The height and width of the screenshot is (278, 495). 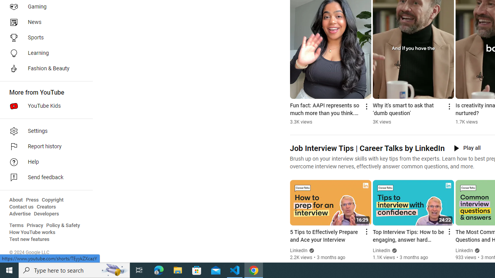 What do you see at coordinates (20, 214) in the screenshot?
I see `'Advertise'` at bounding box center [20, 214].